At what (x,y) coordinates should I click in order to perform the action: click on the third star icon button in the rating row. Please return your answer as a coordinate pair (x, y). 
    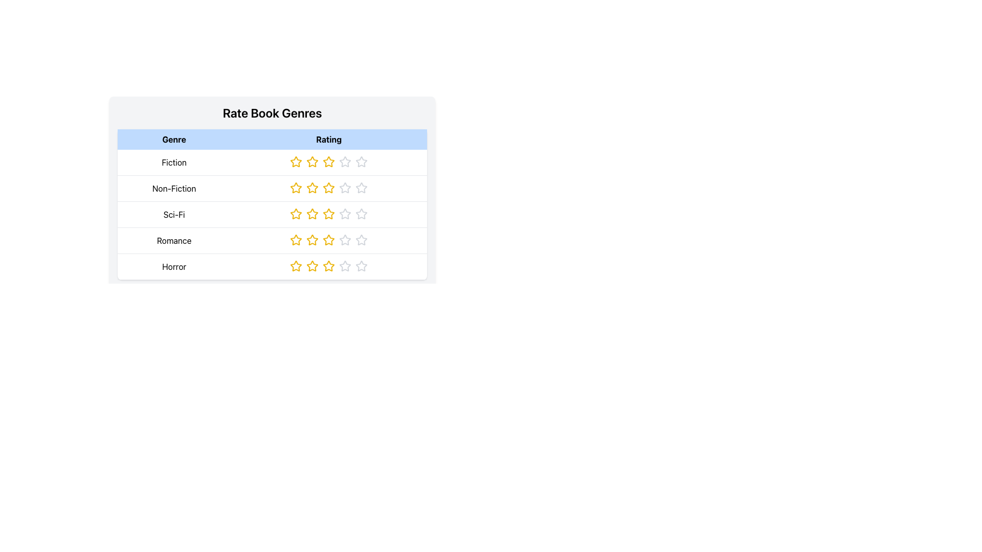
    Looking at the image, I should click on (312, 214).